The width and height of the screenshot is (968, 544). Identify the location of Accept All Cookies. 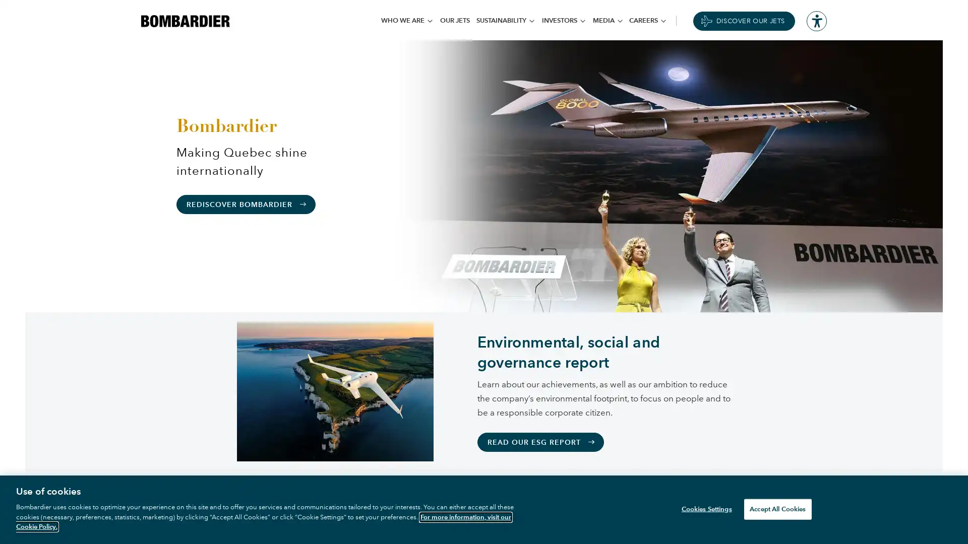
(777, 509).